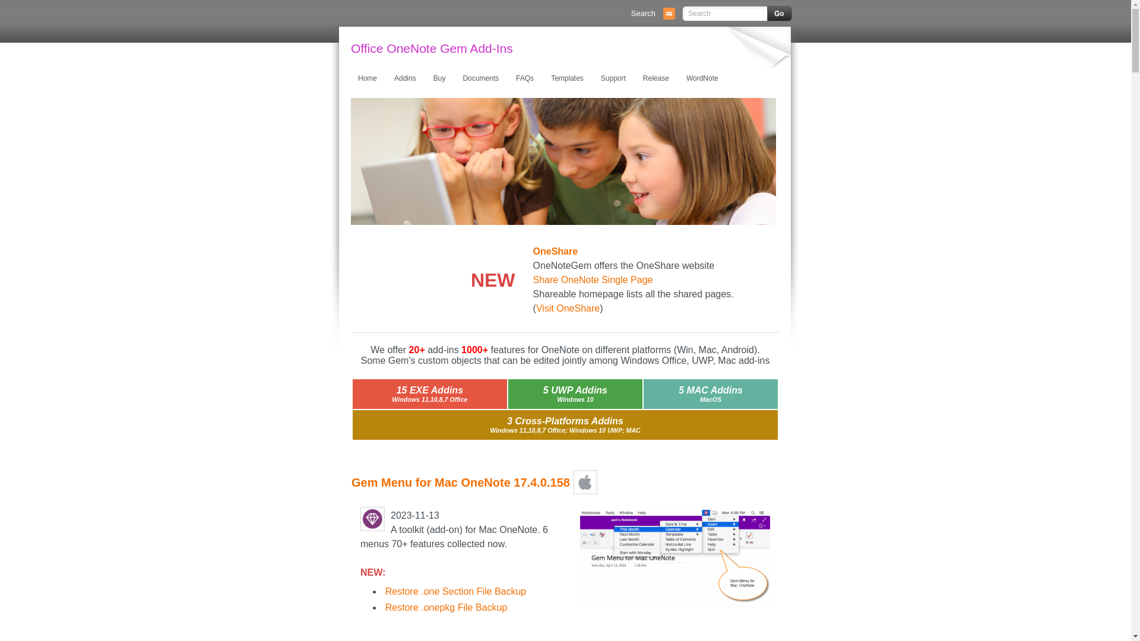  Describe the element at coordinates (429, 394) in the screenshot. I see `'15 EXE Addins` at that location.